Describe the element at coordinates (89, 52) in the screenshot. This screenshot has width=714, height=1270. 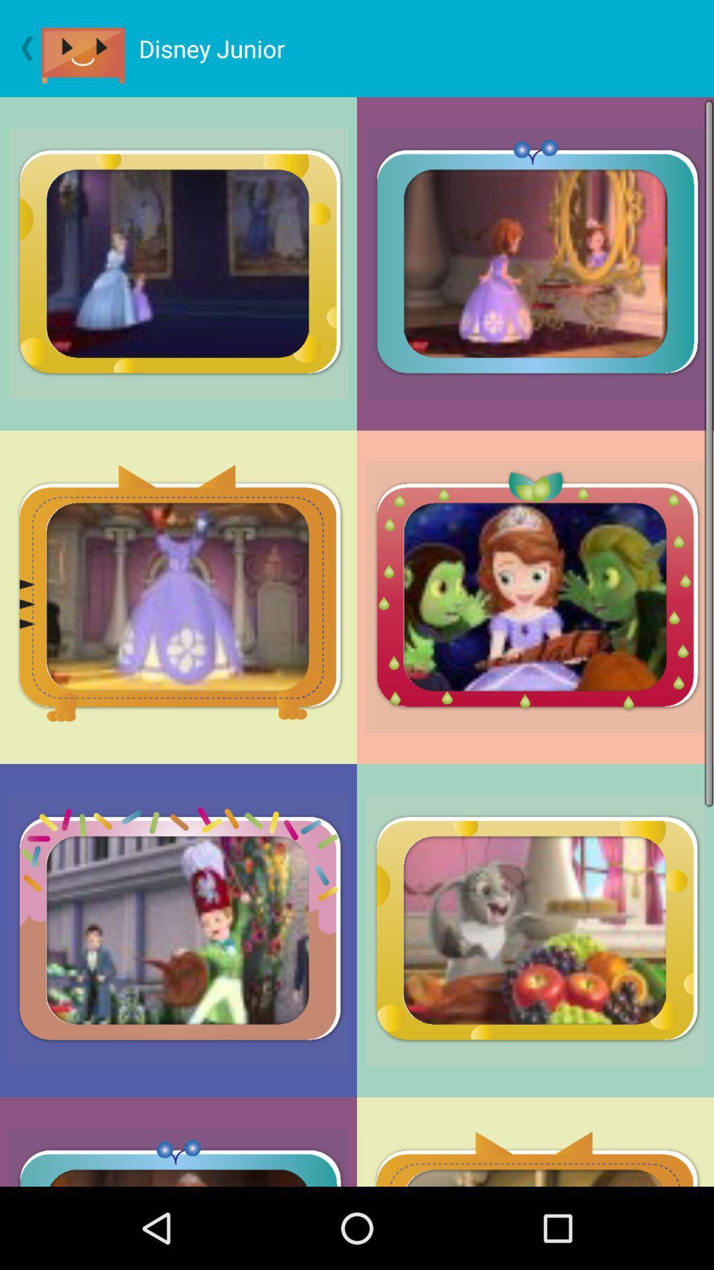
I see `the twitter icon` at that location.